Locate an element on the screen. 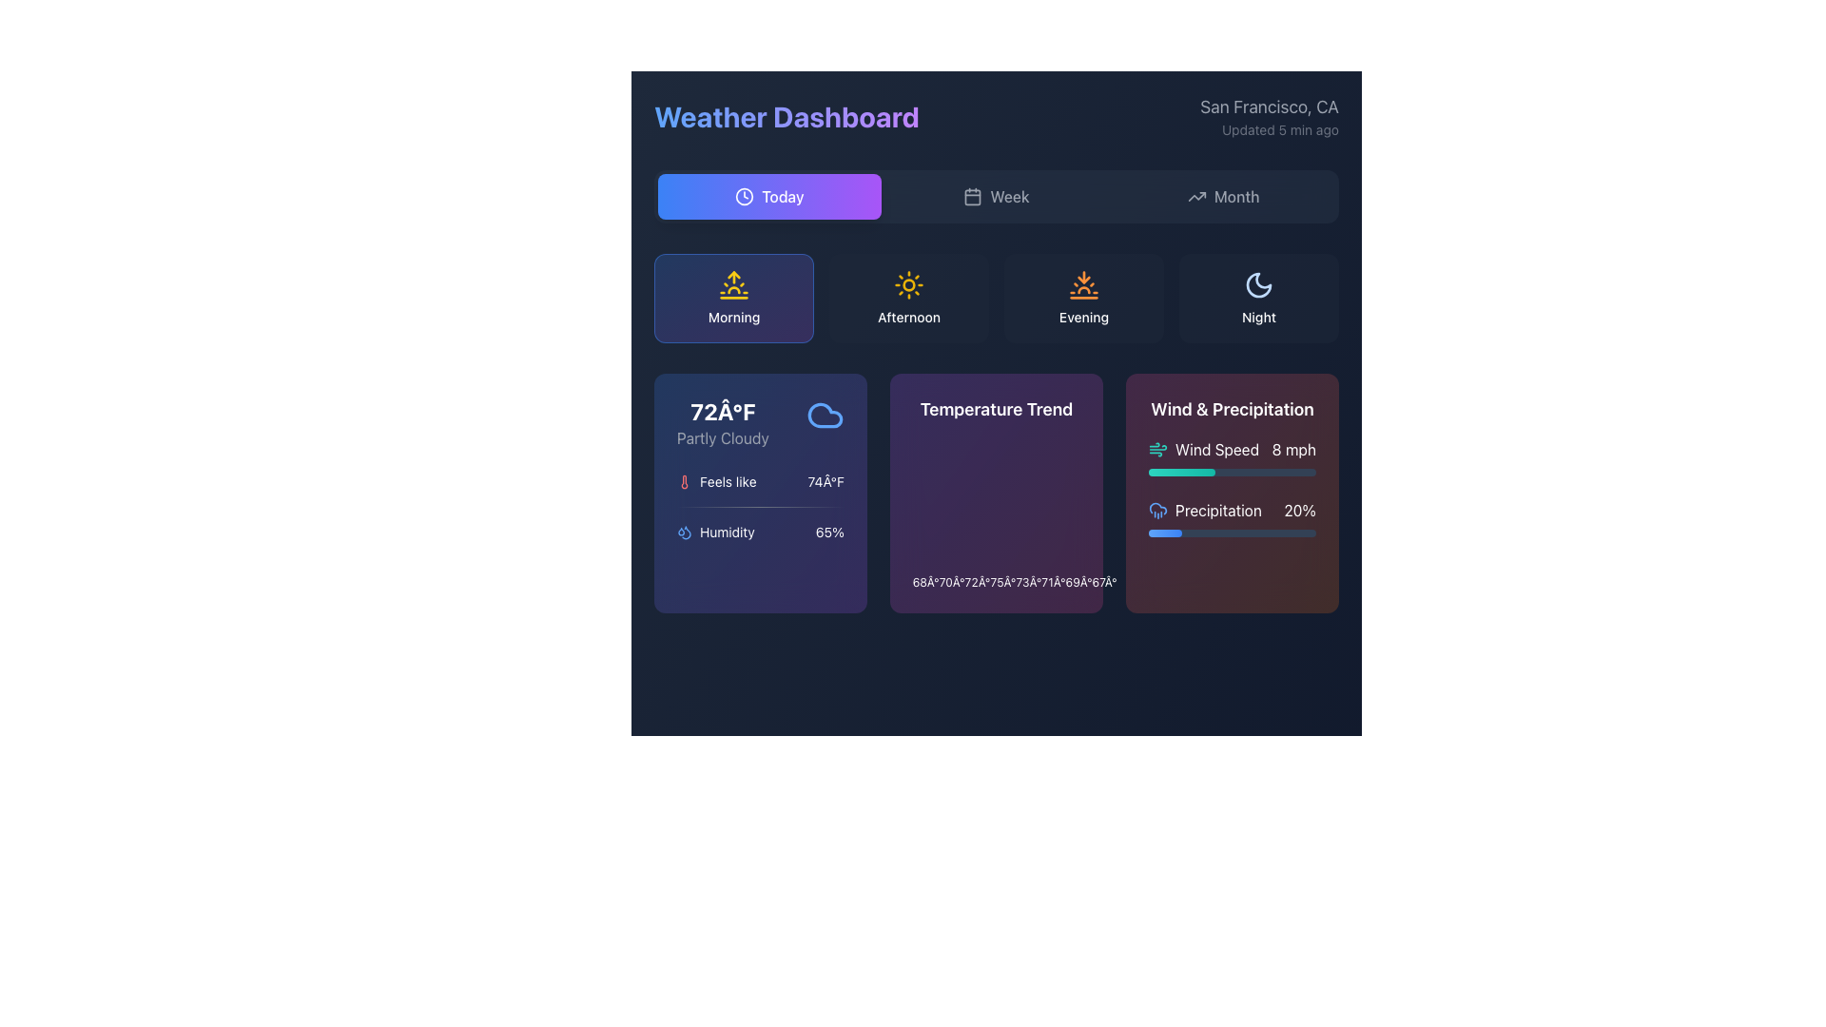 The width and height of the screenshot is (1826, 1027). displayed wind speed value from the informational display card section showing 'Wind Speed' and '8 mph' in the Weather Dashboard is located at coordinates (1233, 457).